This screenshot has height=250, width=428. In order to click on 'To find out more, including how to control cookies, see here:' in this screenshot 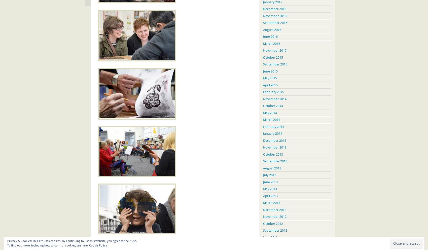, I will do `click(48, 245)`.